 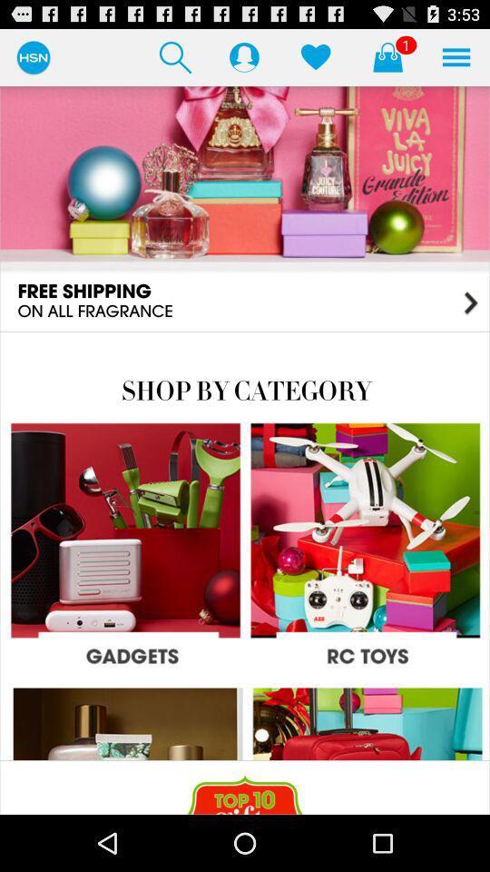 What do you see at coordinates (315, 56) in the screenshot?
I see `like the store` at bounding box center [315, 56].